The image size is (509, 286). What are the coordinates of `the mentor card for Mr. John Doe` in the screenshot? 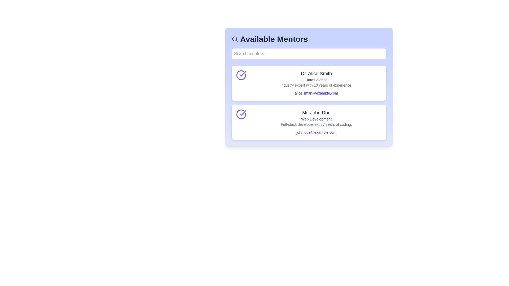 It's located at (309, 122).